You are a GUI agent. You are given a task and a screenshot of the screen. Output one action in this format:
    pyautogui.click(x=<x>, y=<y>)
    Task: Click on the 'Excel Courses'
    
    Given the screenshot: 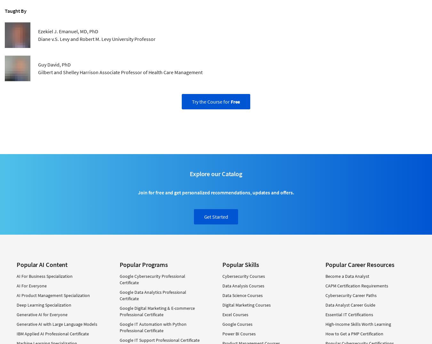 What is the action you would take?
    pyautogui.click(x=235, y=315)
    